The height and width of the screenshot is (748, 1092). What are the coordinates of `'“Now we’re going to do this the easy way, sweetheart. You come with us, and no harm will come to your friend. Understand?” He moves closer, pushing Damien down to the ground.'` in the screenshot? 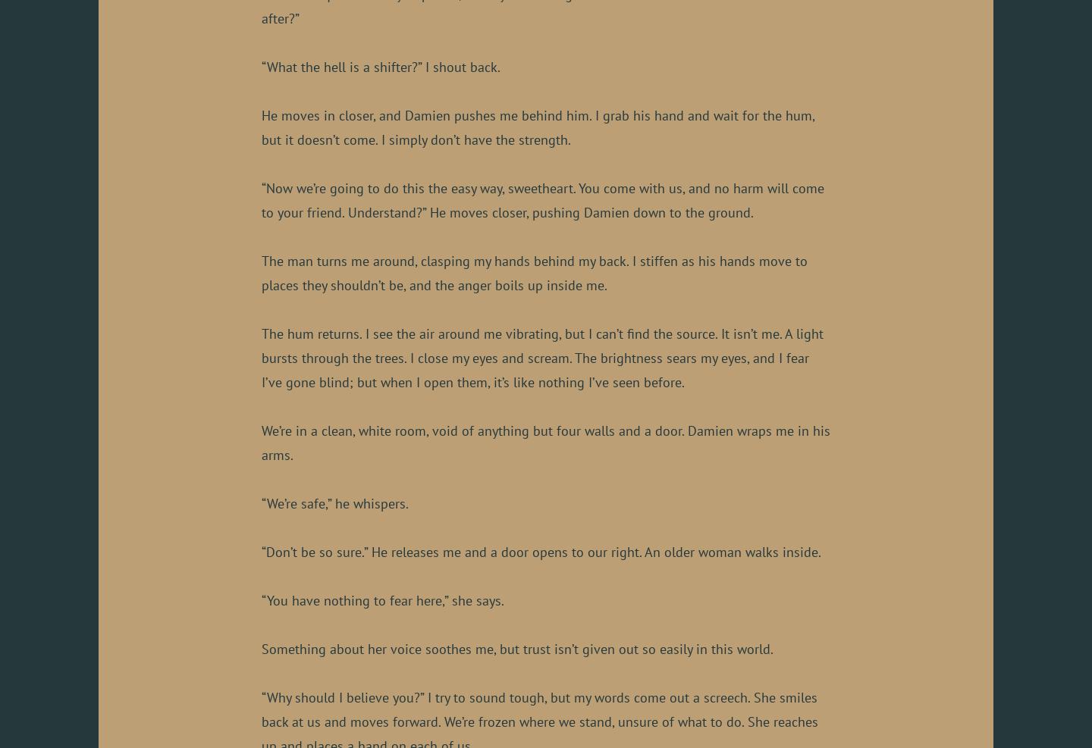 It's located at (542, 199).